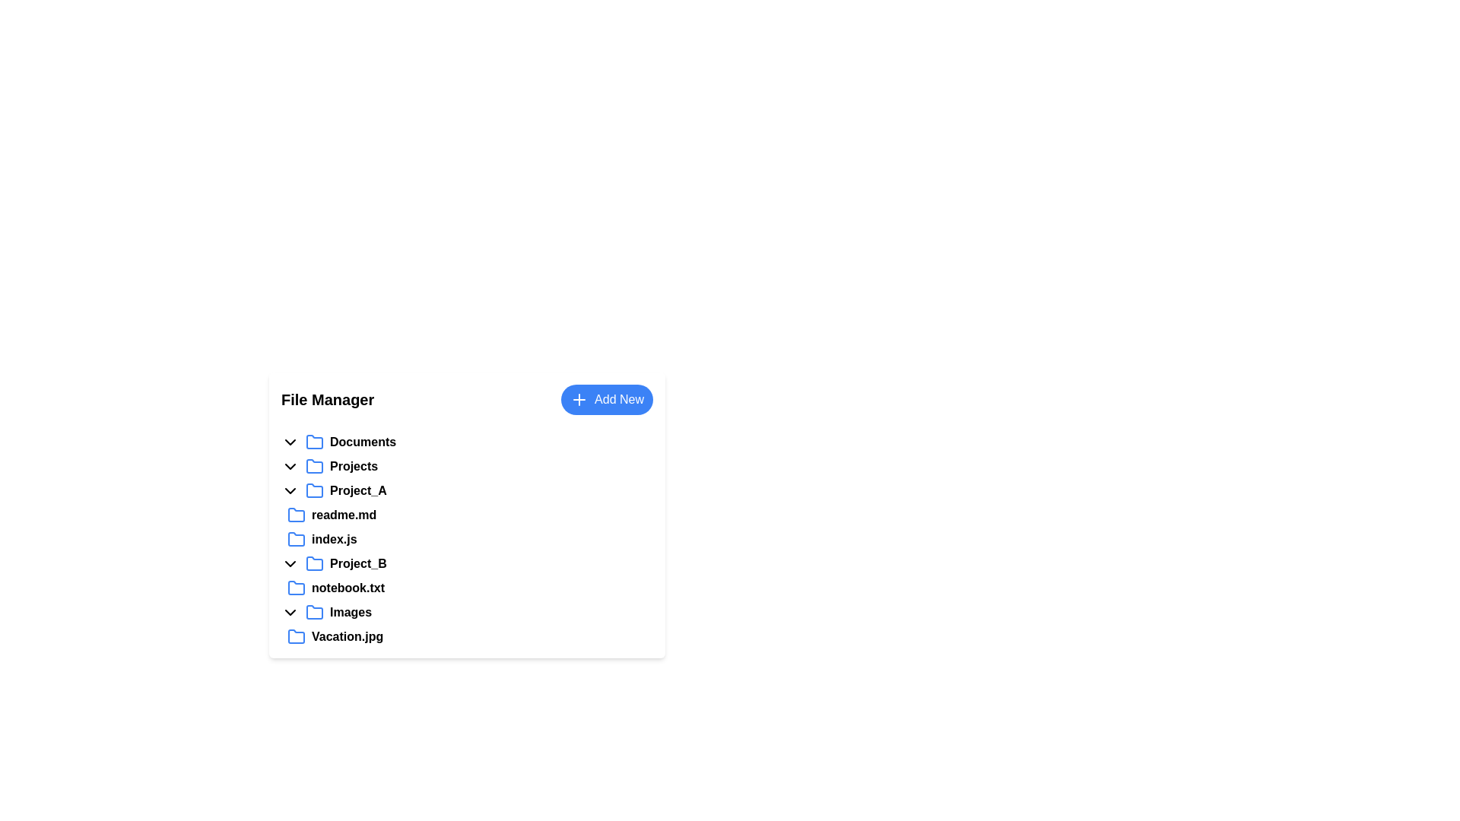  I want to click on the 'Project_A' label, so click(357, 490).